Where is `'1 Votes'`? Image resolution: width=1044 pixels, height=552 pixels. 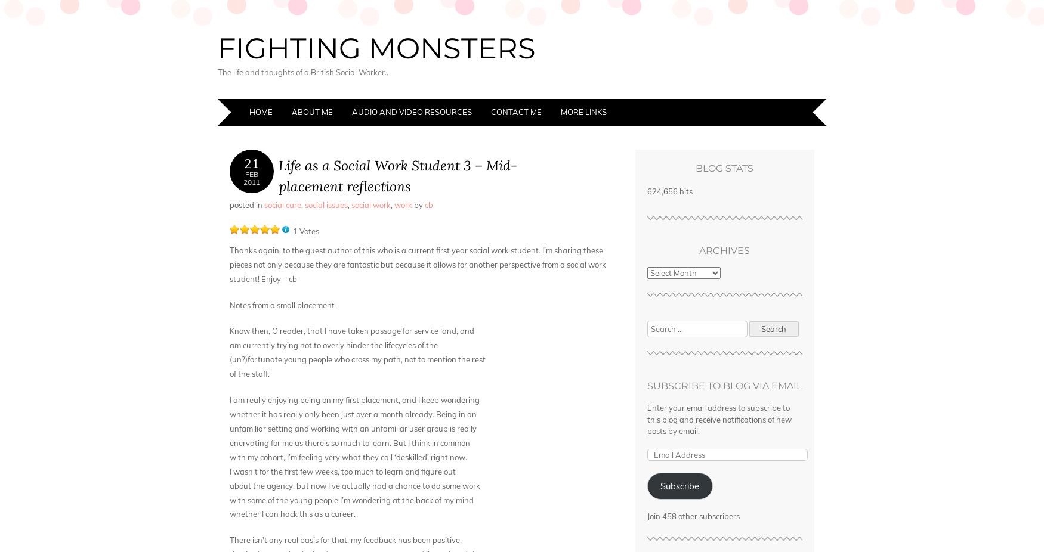 '1 Votes' is located at coordinates (305, 231).